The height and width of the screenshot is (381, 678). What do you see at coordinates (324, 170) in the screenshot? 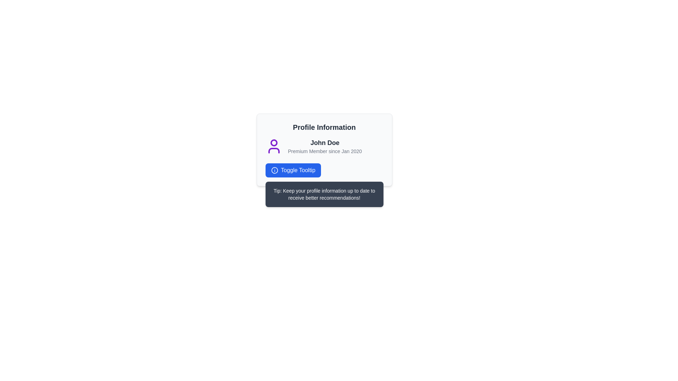
I see `the button that toggles the visibility of the tooltip box in the profile information card layout to observe its tooltip behavior` at bounding box center [324, 170].